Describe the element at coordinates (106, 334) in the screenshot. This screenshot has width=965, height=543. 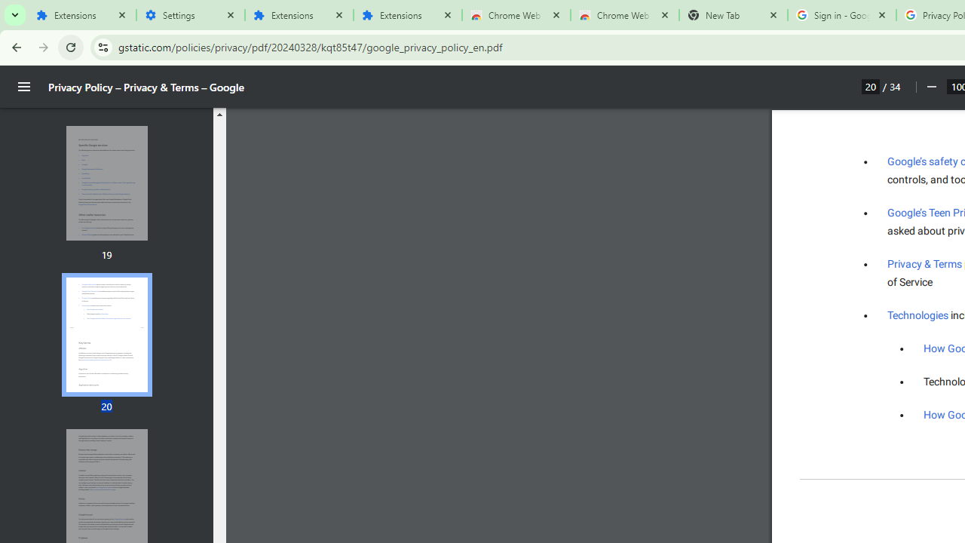
I see `'Thumbnail for page 20'` at that location.